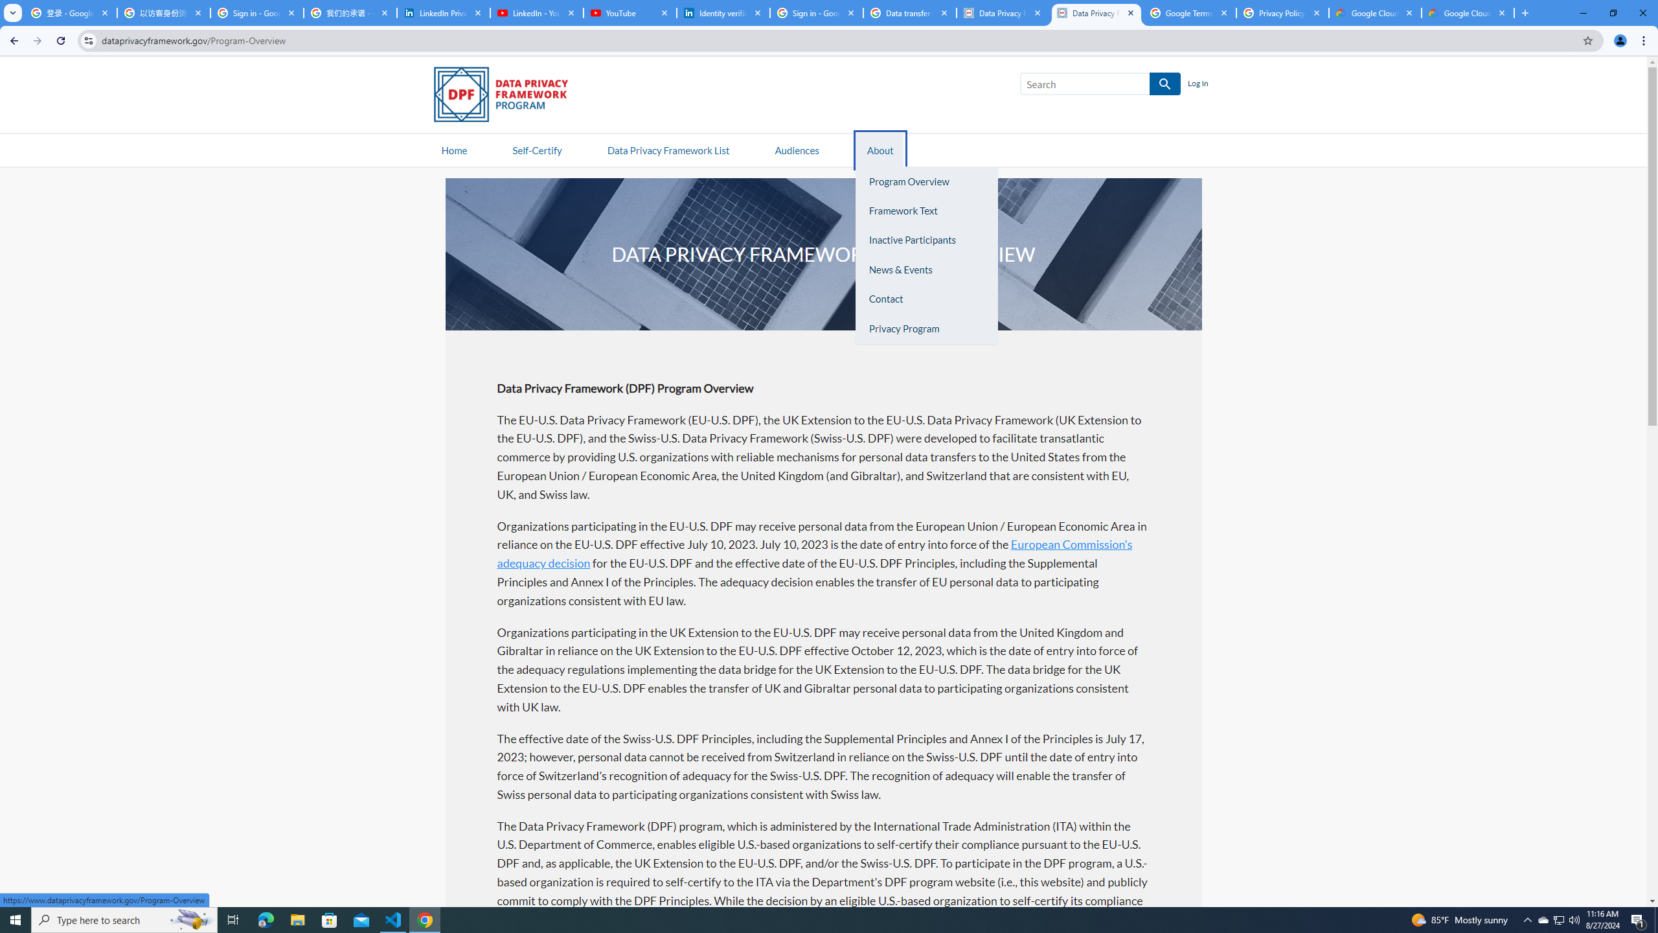 The width and height of the screenshot is (1658, 933). I want to click on 'Search SEARCH', so click(1099, 86).